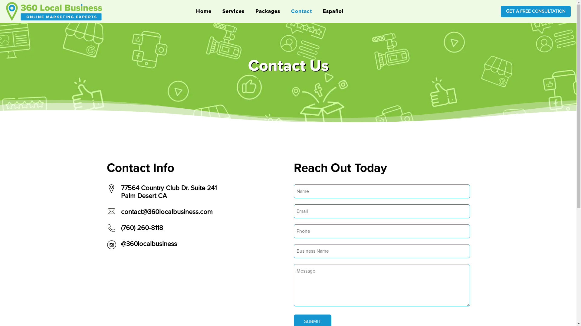  What do you see at coordinates (233, 11) in the screenshot?
I see `'Services'` at bounding box center [233, 11].